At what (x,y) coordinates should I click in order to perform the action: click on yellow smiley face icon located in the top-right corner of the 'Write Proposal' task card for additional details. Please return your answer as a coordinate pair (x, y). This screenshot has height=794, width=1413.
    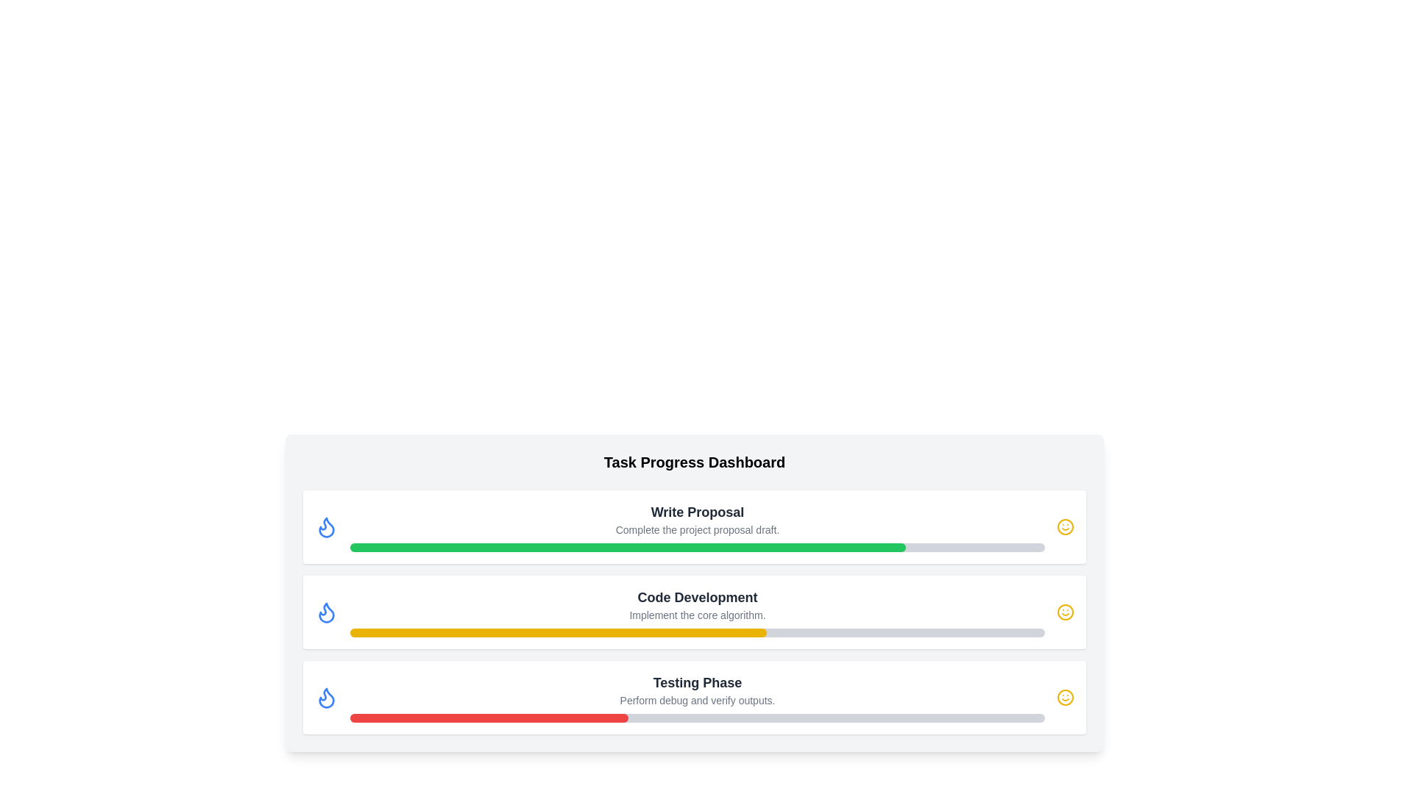
    Looking at the image, I should click on (1066, 526).